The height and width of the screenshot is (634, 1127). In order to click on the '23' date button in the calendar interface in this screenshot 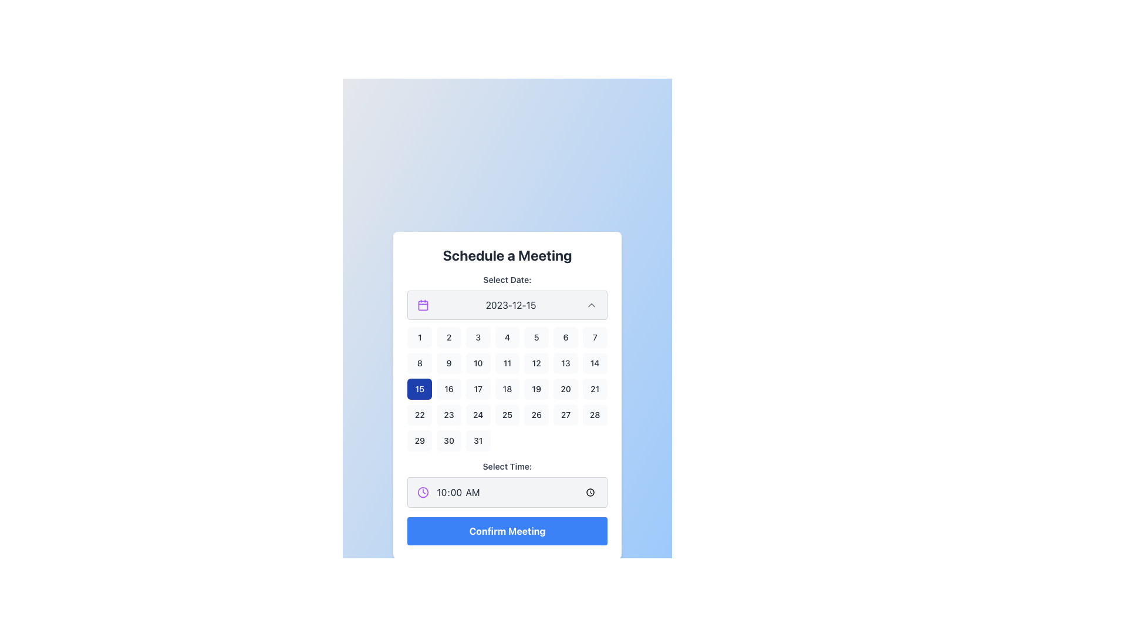, I will do `click(448, 414)`.